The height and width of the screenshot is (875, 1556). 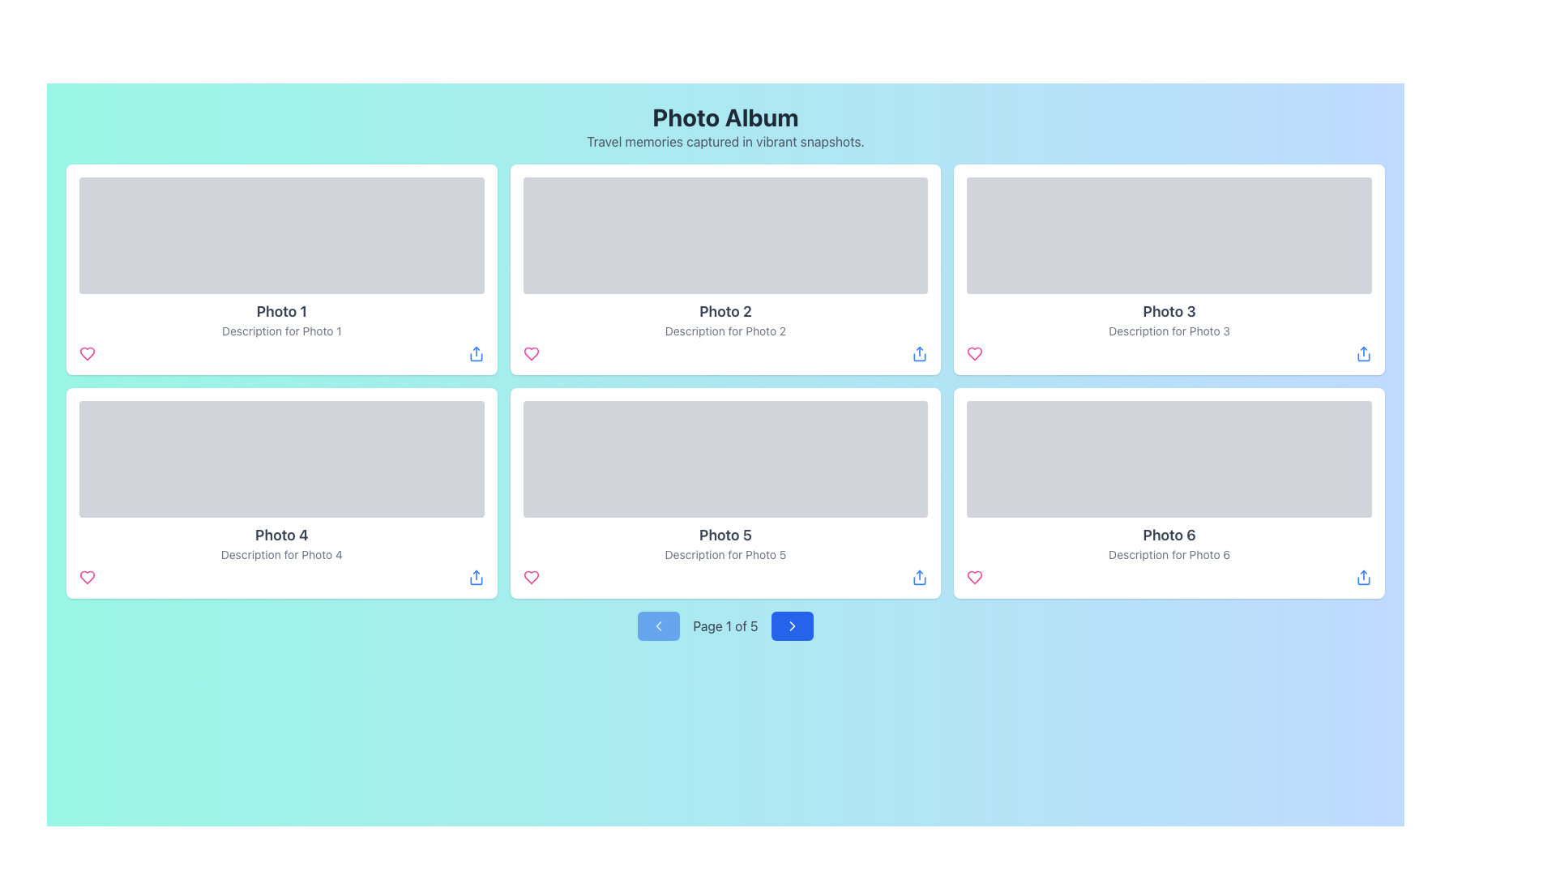 What do you see at coordinates (475, 577) in the screenshot?
I see `the Share button icon located at the bottom-right corner of the 'Photo 4' card in the second row of the grid layout` at bounding box center [475, 577].